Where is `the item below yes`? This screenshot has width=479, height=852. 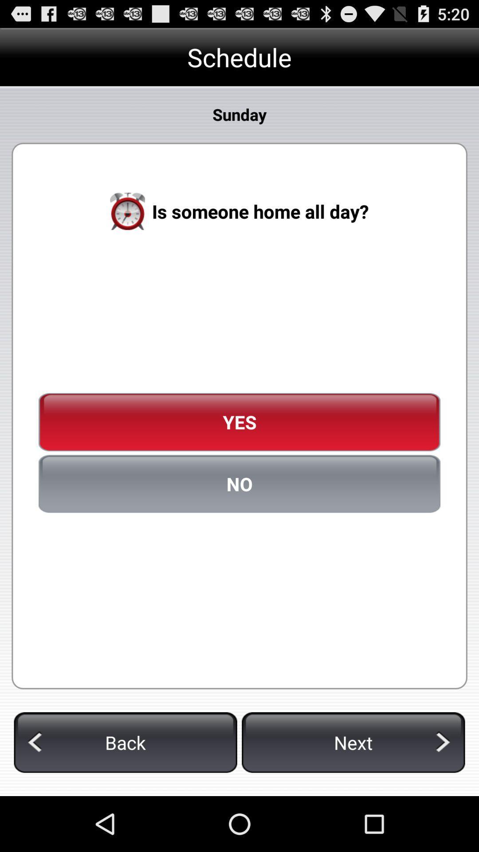
the item below yes is located at coordinates (239, 483).